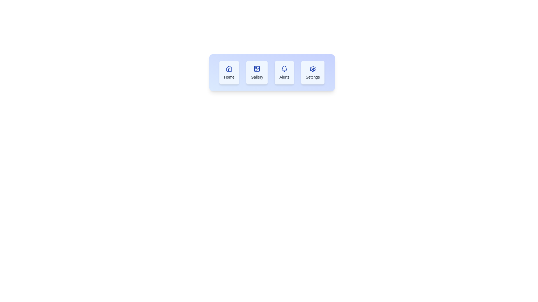 The image size is (538, 302). Describe the element at coordinates (312, 72) in the screenshot. I see `the fourth button in the horizontal navigation bar` at that location.